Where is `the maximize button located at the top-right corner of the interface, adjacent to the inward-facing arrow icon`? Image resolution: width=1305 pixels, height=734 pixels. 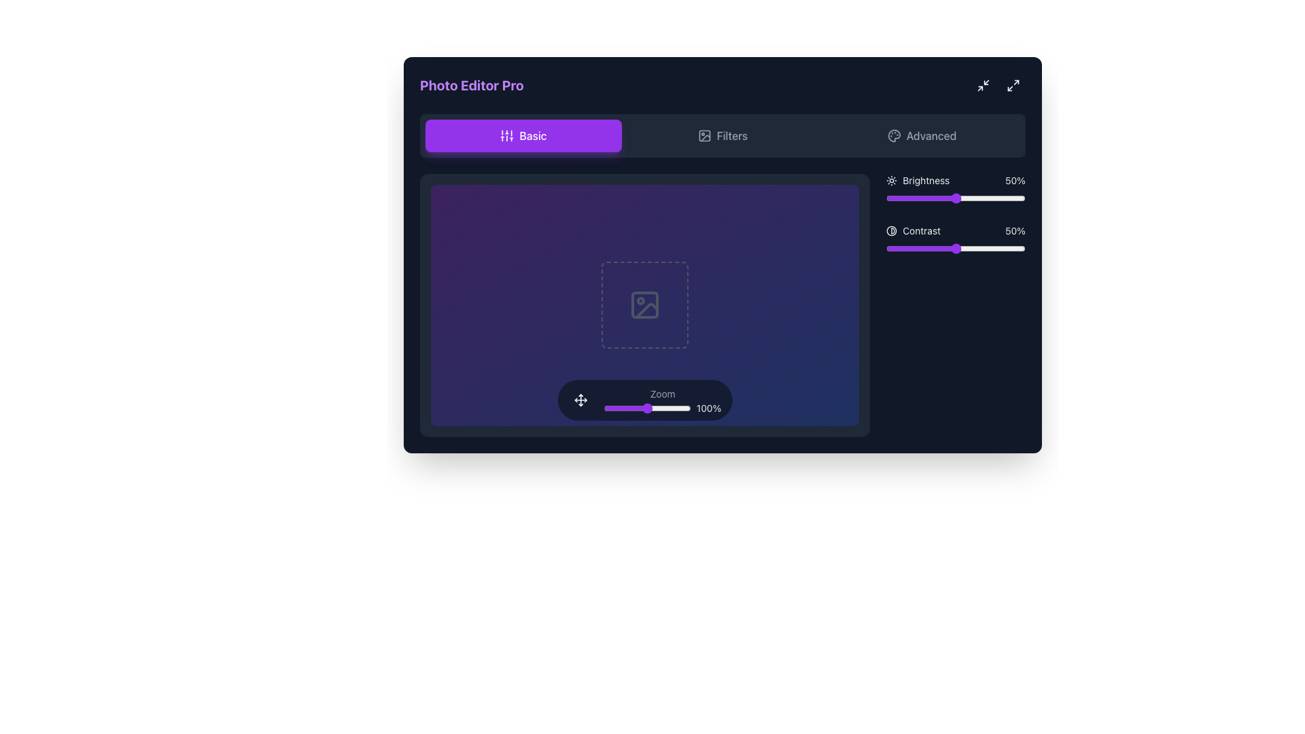 the maximize button located at the top-right corner of the interface, adjacent to the inward-facing arrow icon is located at coordinates (1013, 86).